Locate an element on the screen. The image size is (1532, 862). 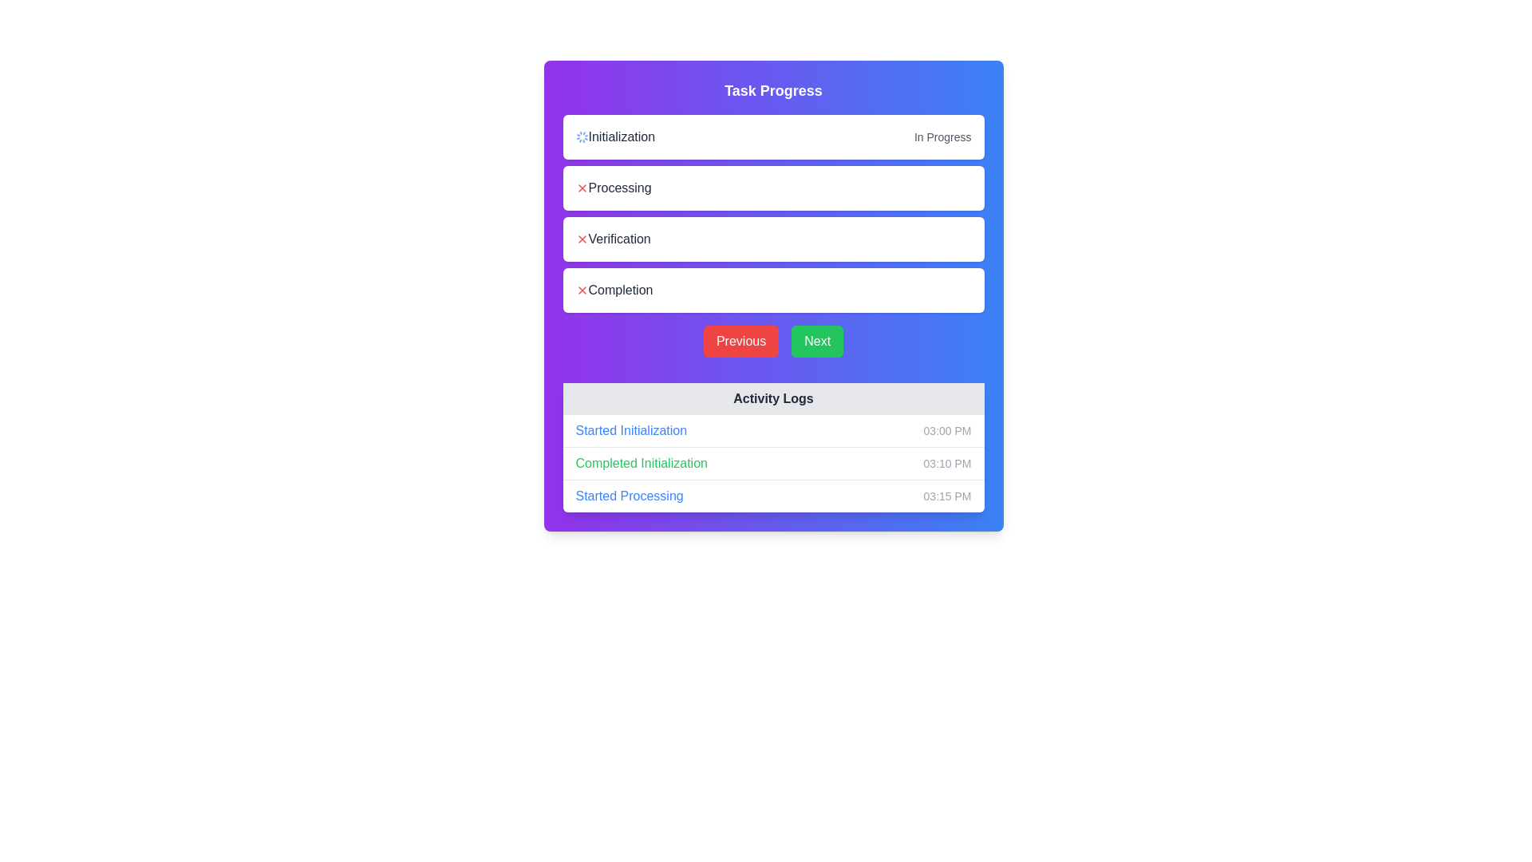
the 'Completion' label with a red-colored cross icon, located in the fourth row of the task status list within the progress tracker panel is located at coordinates (613, 290).